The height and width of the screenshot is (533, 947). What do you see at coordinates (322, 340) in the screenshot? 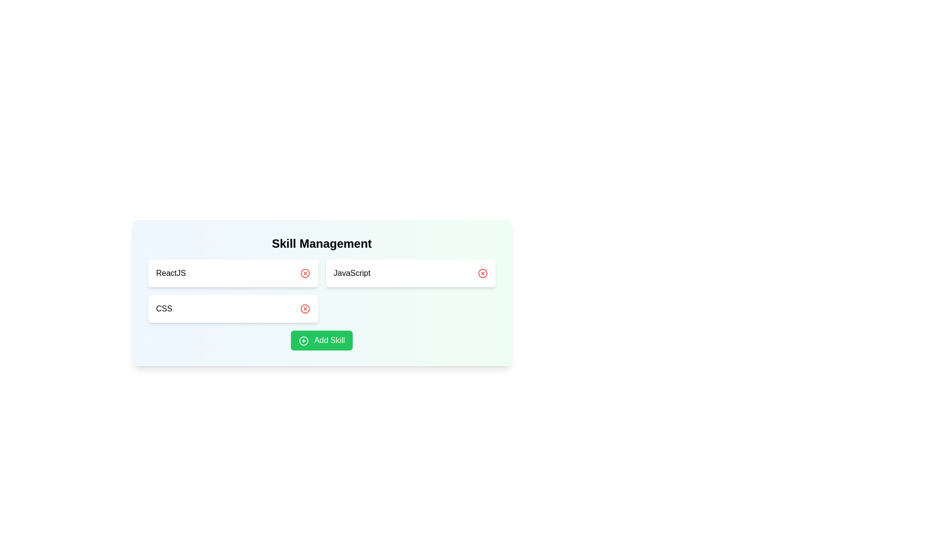
I see `'Add Skill' button to add a new skill` at bounding box center [322, 340].